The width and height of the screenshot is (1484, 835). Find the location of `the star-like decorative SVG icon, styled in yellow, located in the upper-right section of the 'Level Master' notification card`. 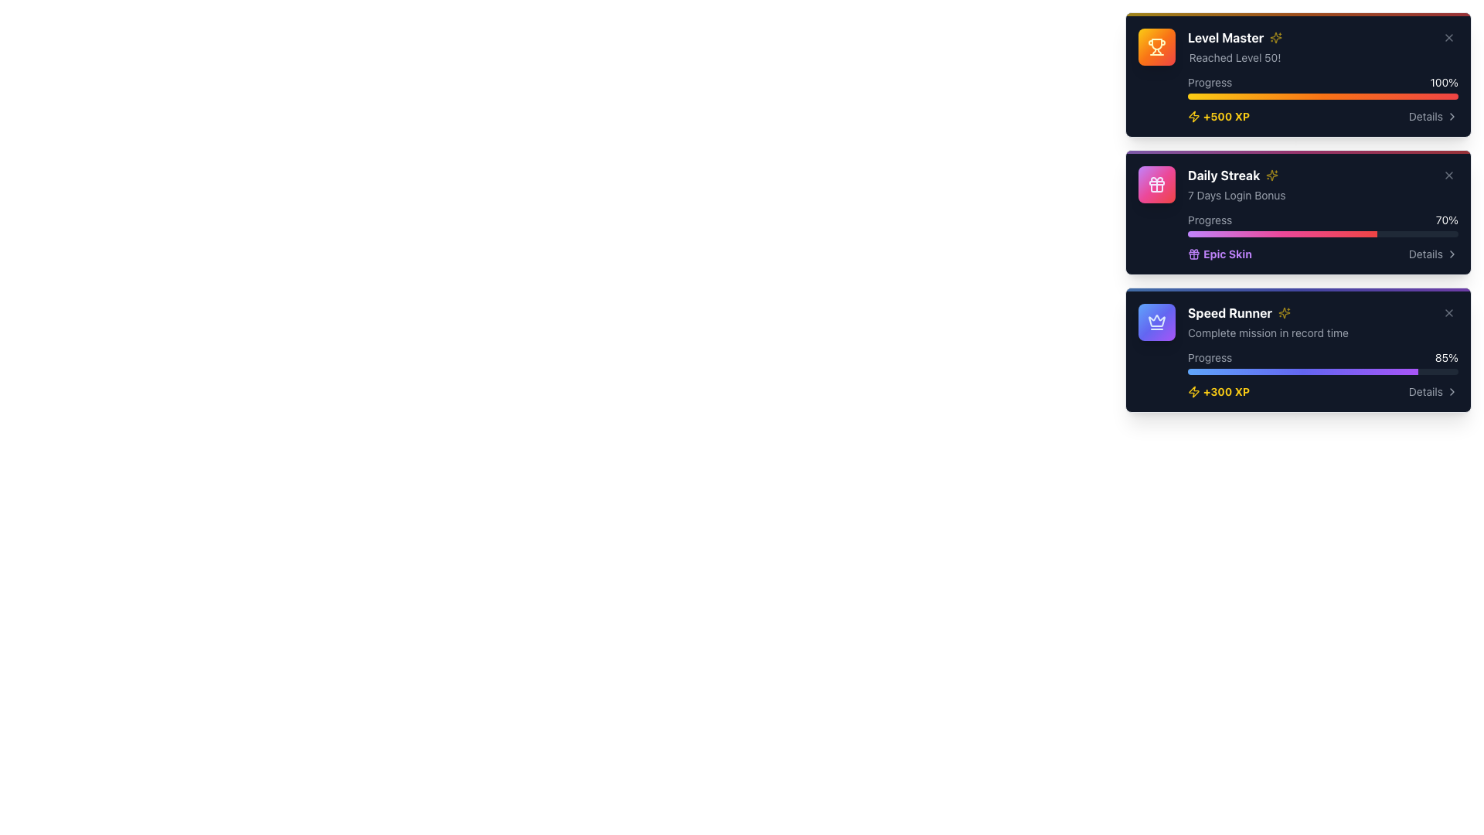

the star-like decorative SVG icon, styled in yellow, located in the upper-right section of the 'Level Master' notification card is located at coordinates (1276, 37).